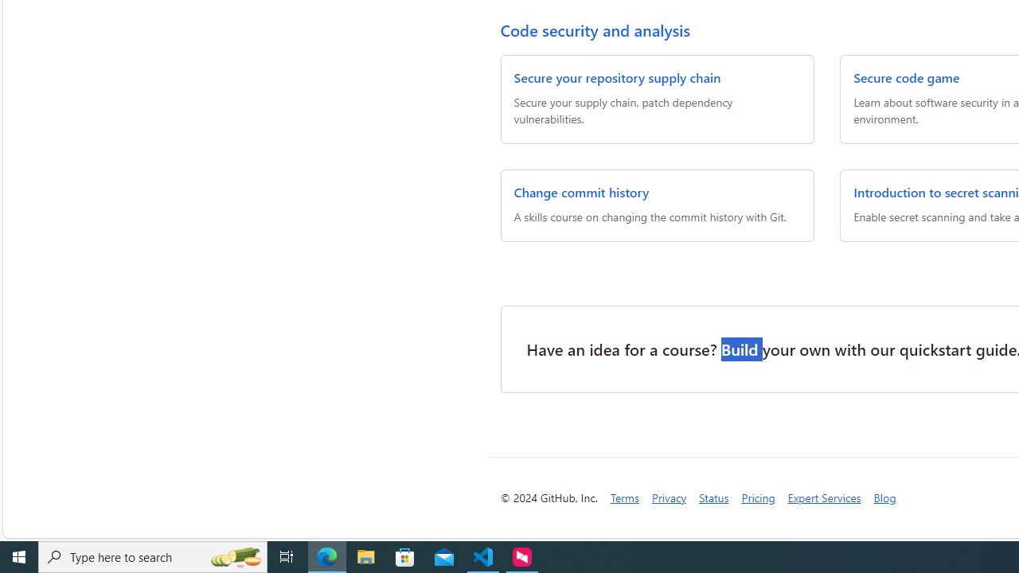 The width and height of the screenshot is (1019, 573). What do you see at coordinates (884, 497) in the screenshot?
I see `'Blog'` at bounding box center [884, 497].